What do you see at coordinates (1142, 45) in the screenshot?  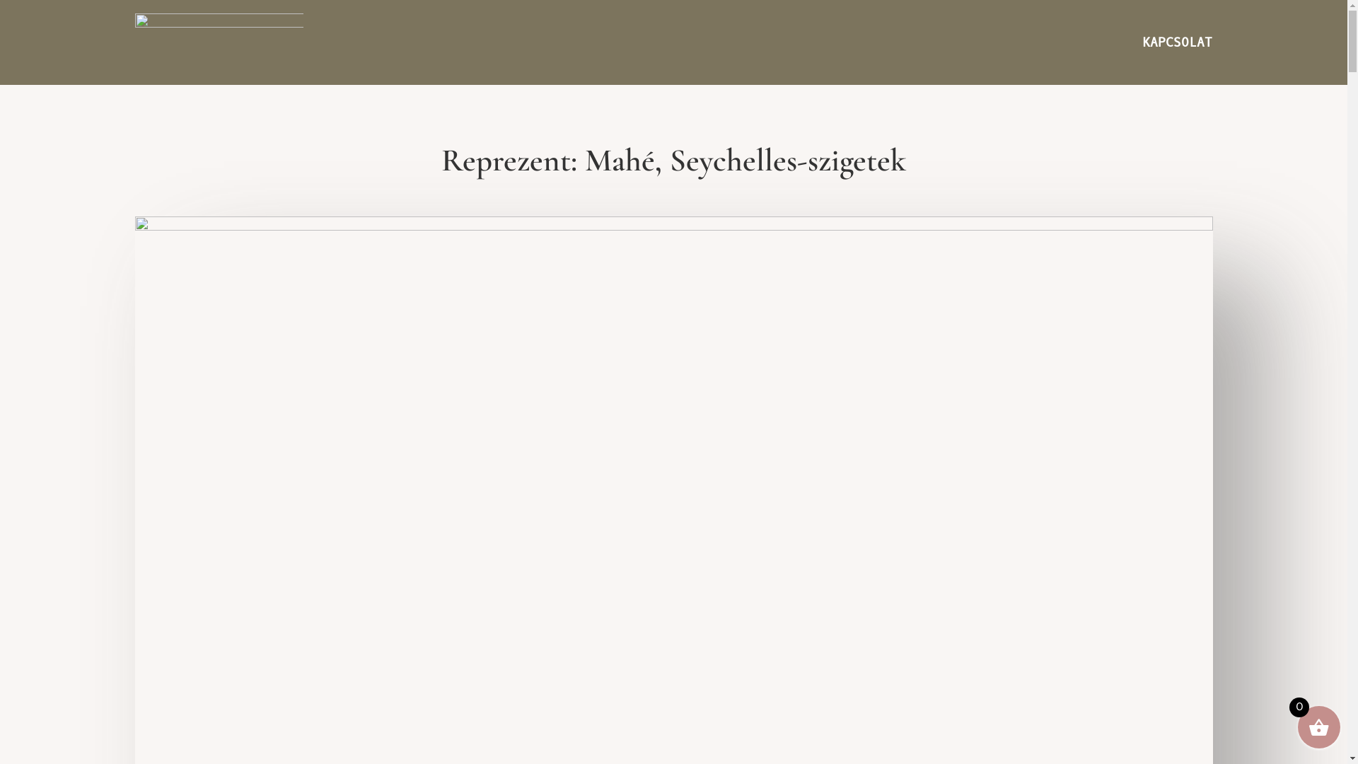 I see `'KAPCSOLAT'` at bounding box center [1142, 45].